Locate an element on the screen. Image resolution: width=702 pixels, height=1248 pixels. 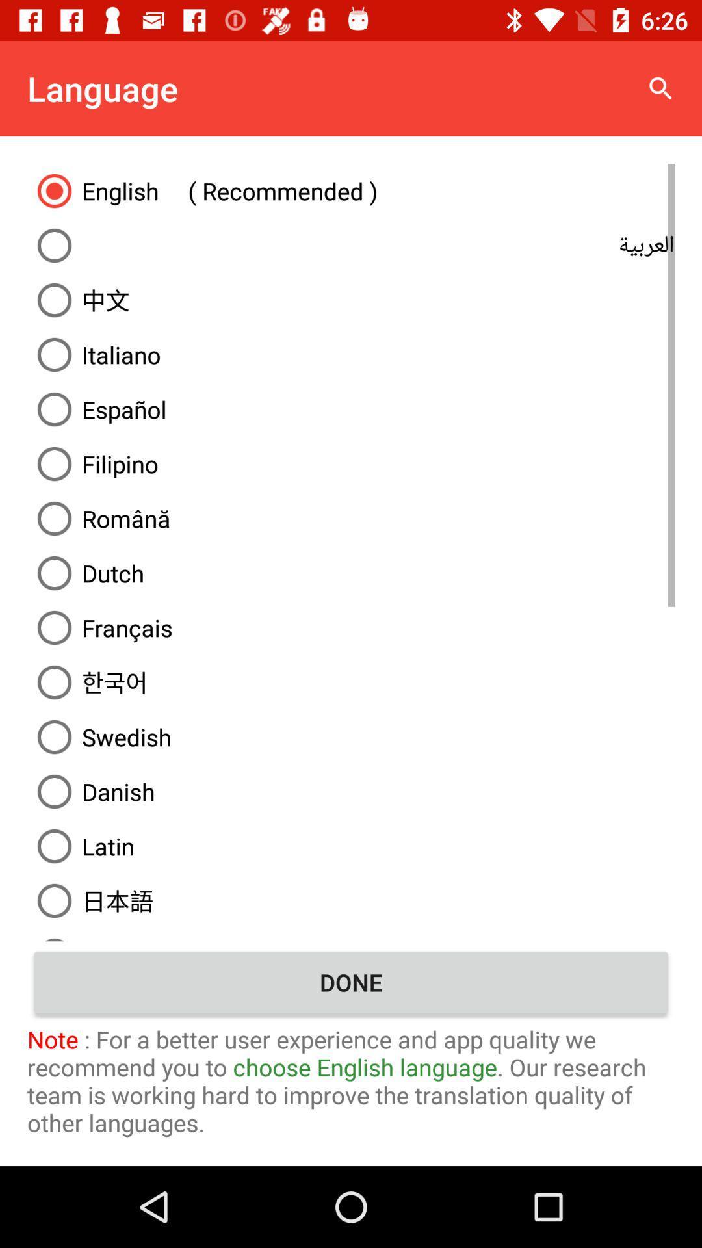
danish item is located at coordinates (351, 791).